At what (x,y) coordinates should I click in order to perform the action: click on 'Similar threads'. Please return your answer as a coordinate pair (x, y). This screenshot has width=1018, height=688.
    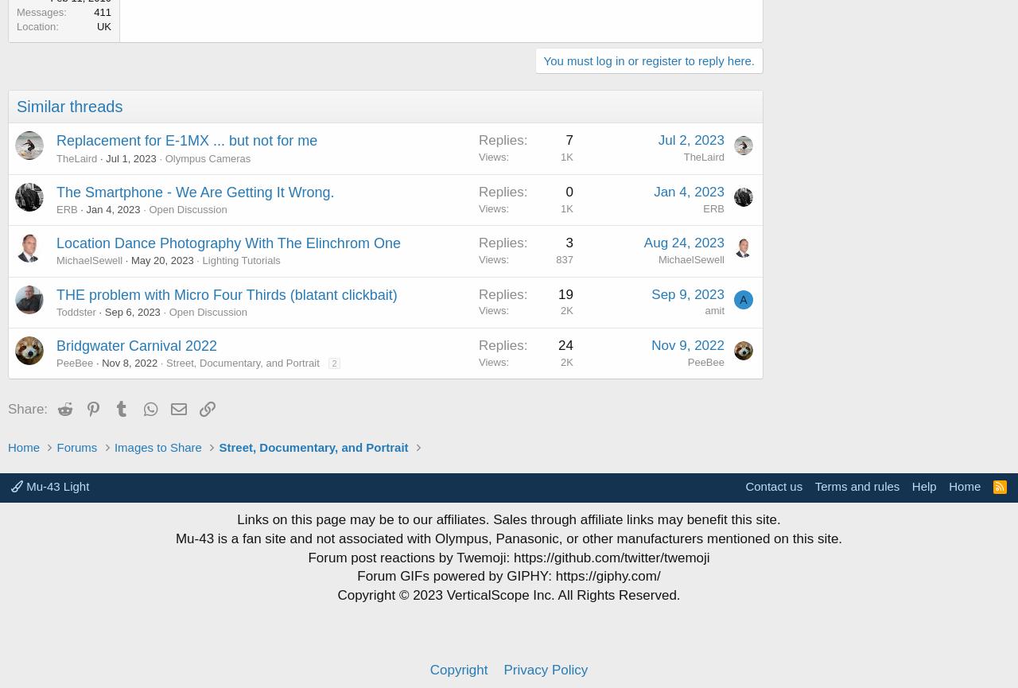
    Looking at the image, I should click on (68, 106).